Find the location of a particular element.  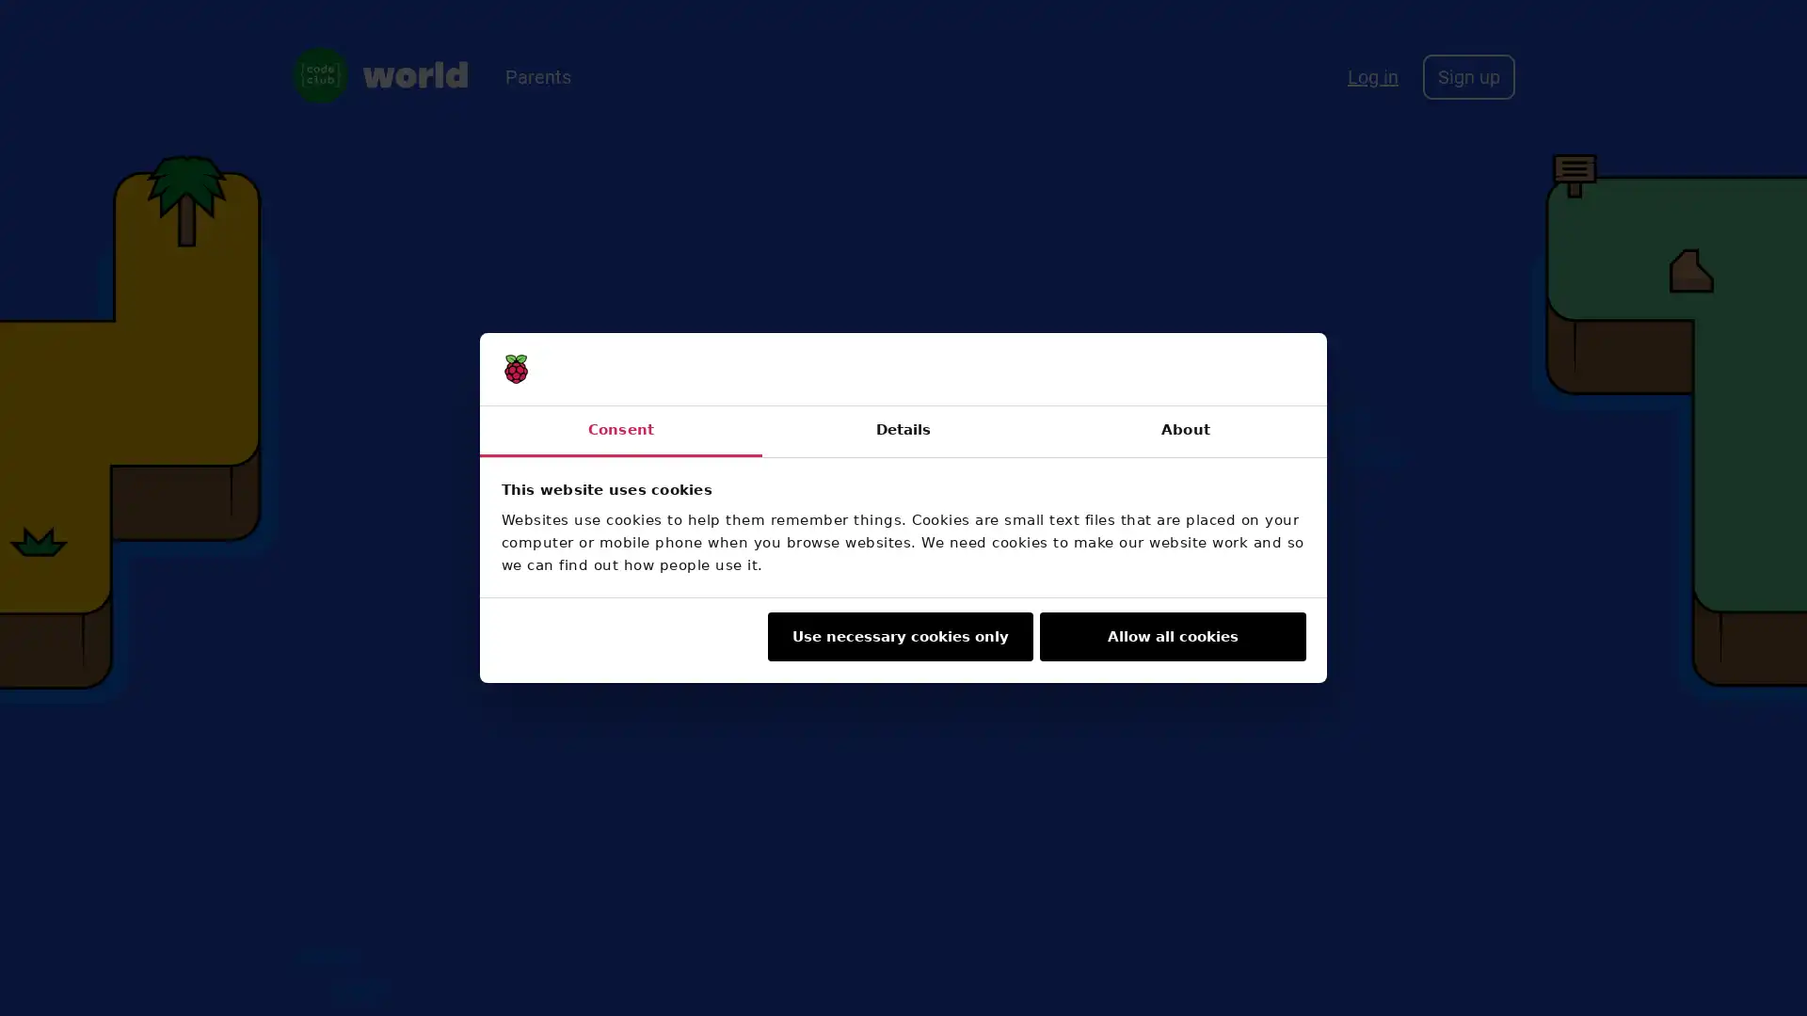

Log in is located at coordinates (1373, 75).